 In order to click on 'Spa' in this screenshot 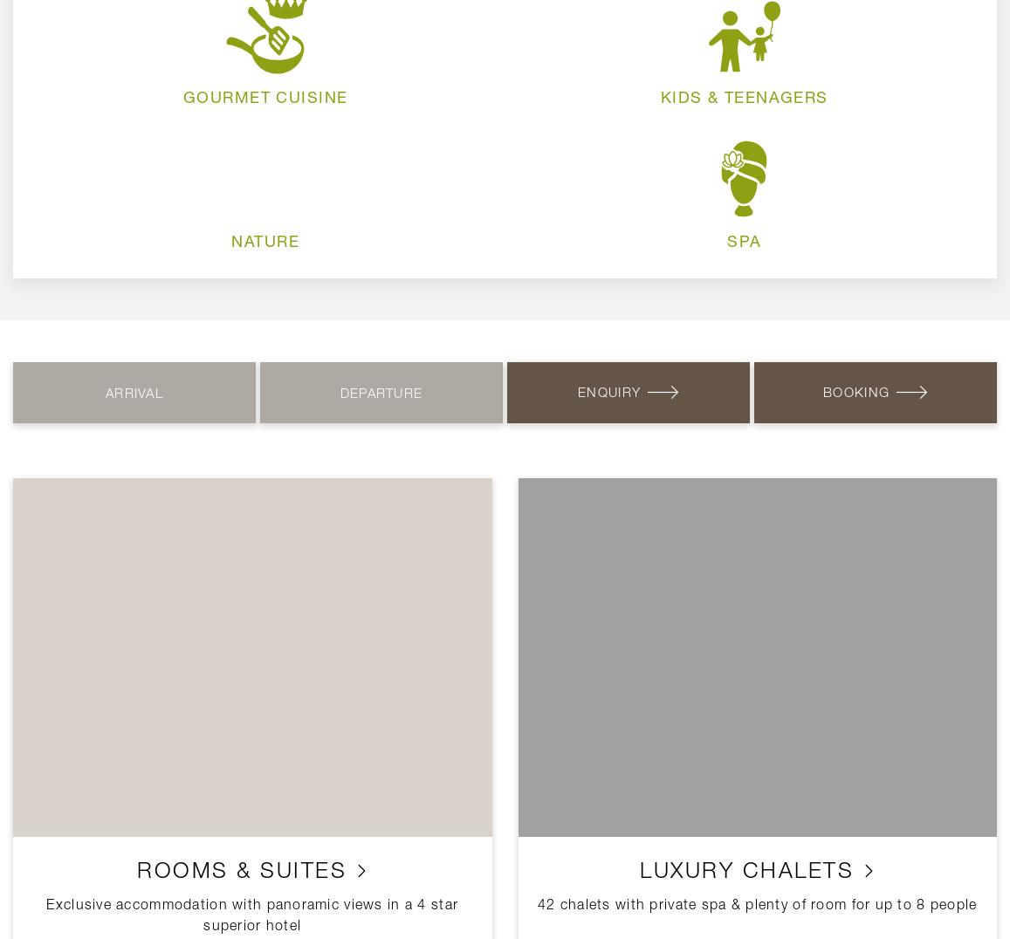, I will do `click(744, 239)`.